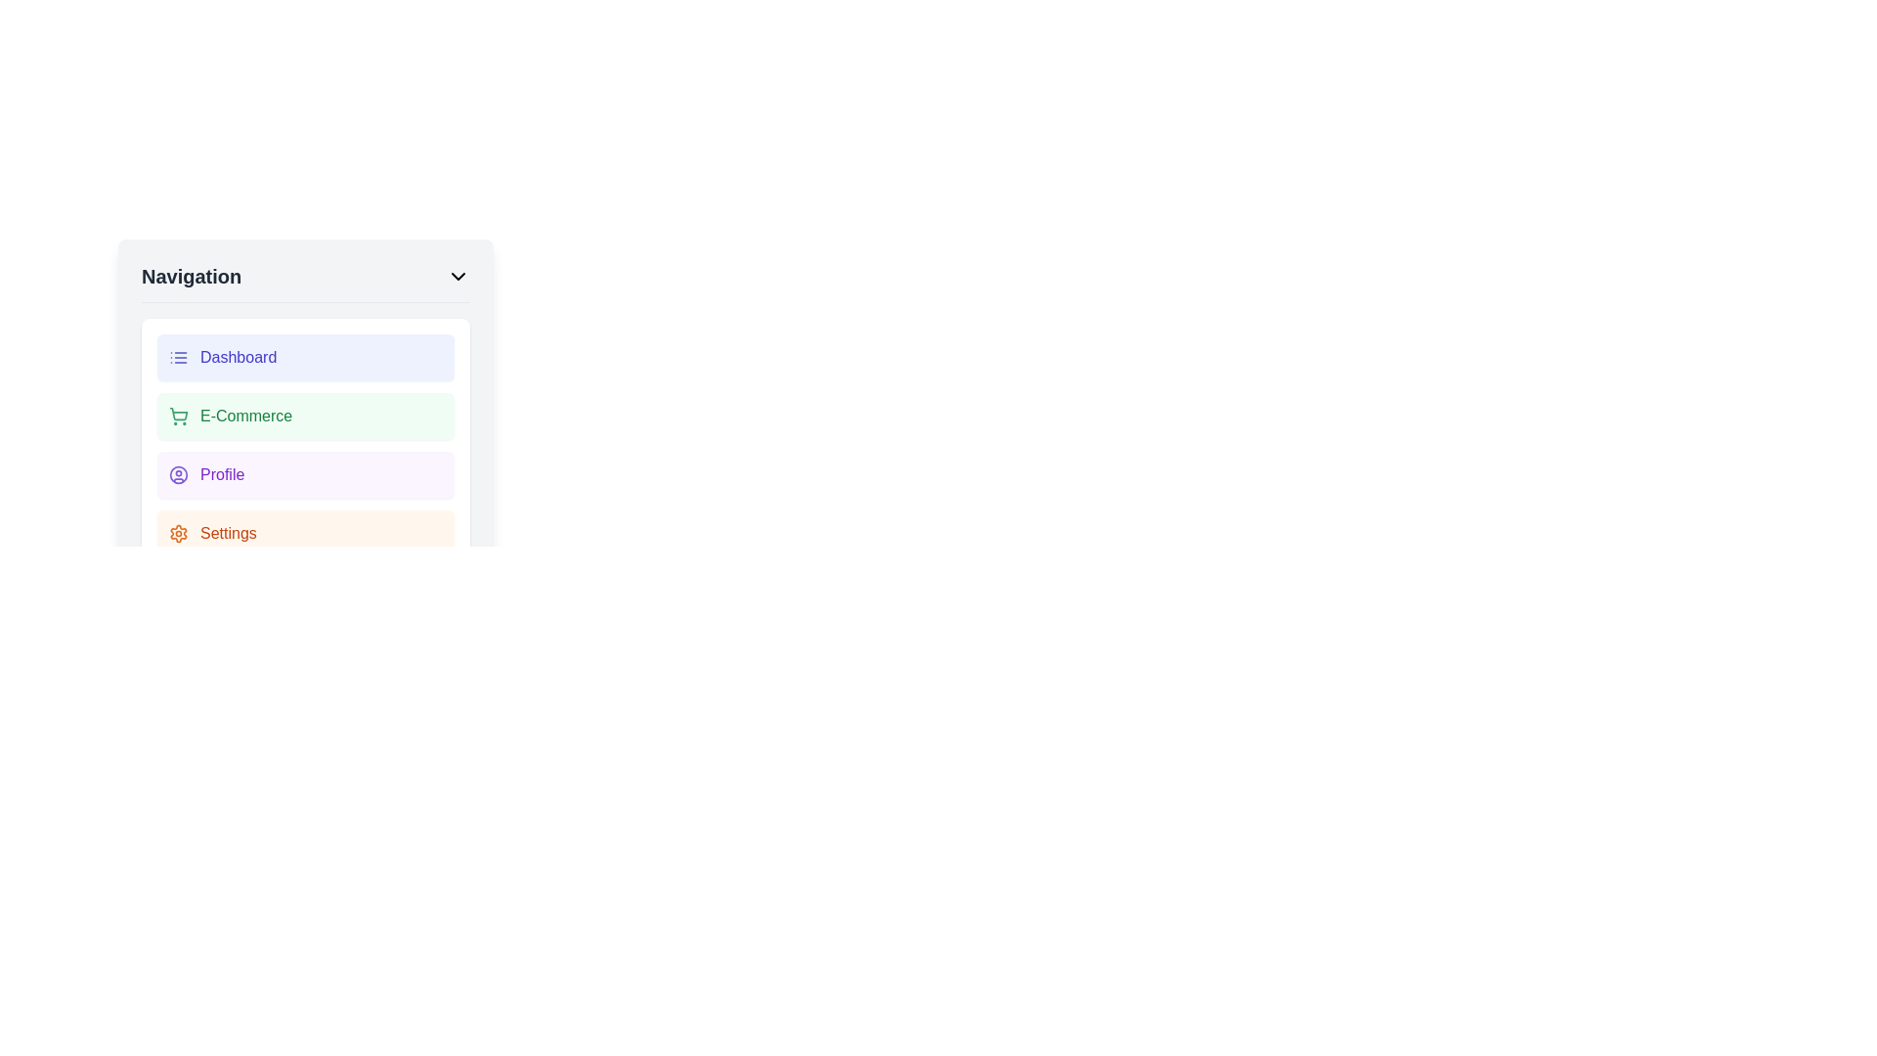 The image size is (1877, 1056). I want to click on SVG icon resembling a shopping cart, which is styled with a green stroke color and located to the left of the 'E-Commerce' text within a light green highlighted box, so click(178, 415).